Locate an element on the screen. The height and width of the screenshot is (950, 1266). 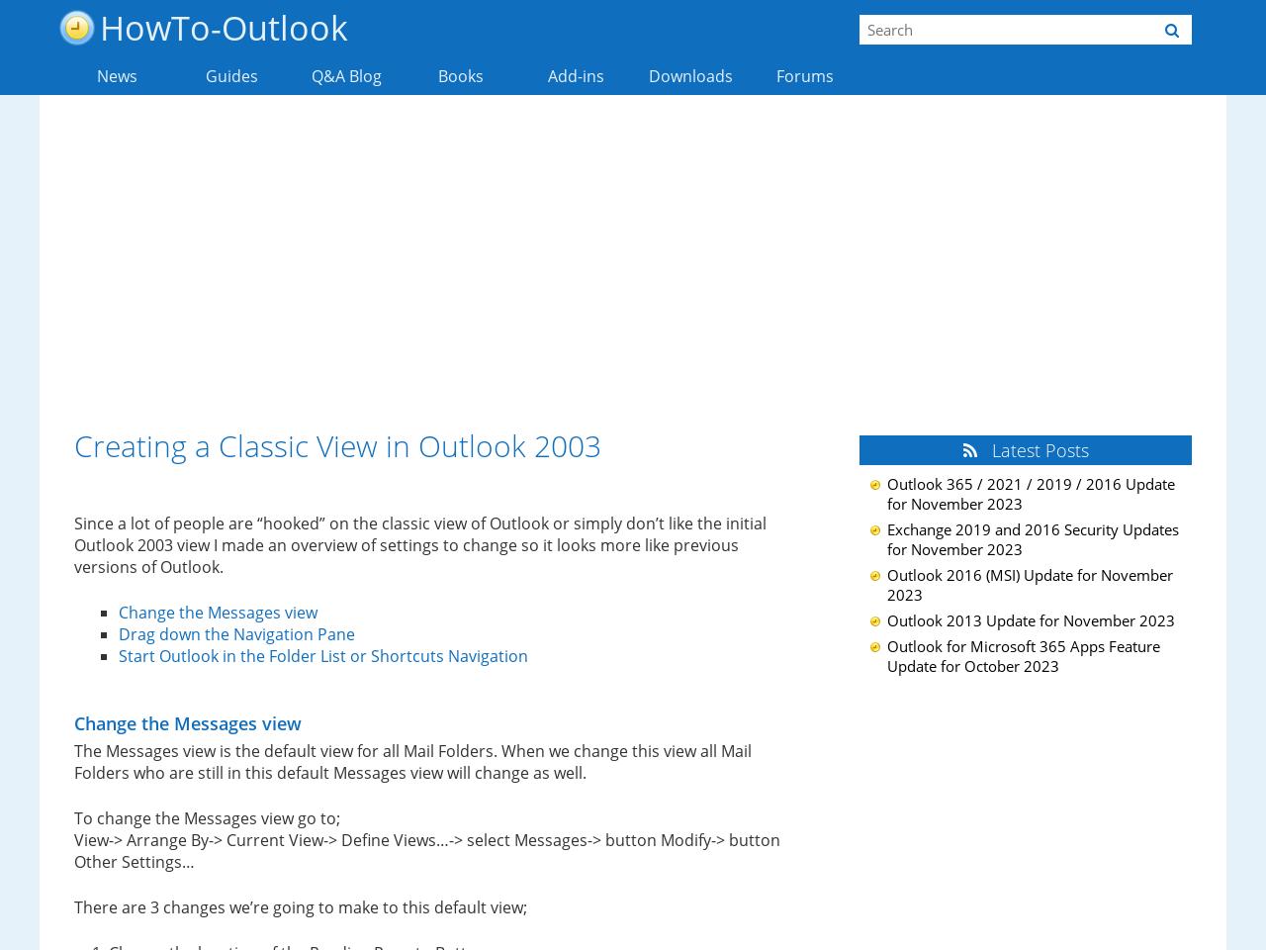
'To change the Messages view go to;' is located at coordinates (207, 818).